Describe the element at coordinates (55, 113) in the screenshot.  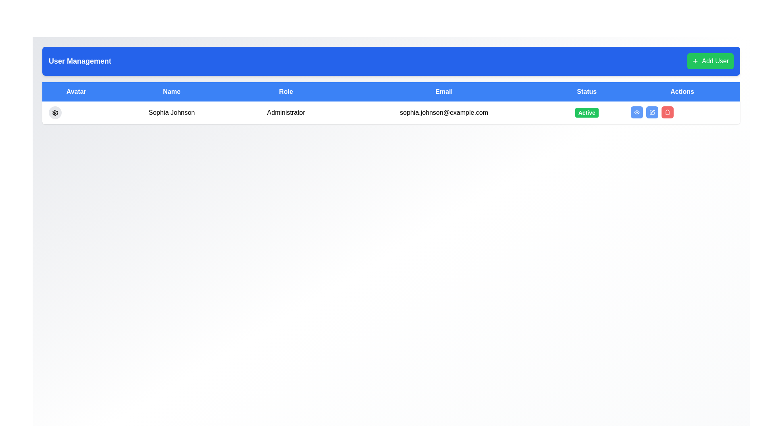
I see `the circular settings icon with a gray background and gear symbol located in the 'Avatar' column of the 'User Management' table, first row` at that location.